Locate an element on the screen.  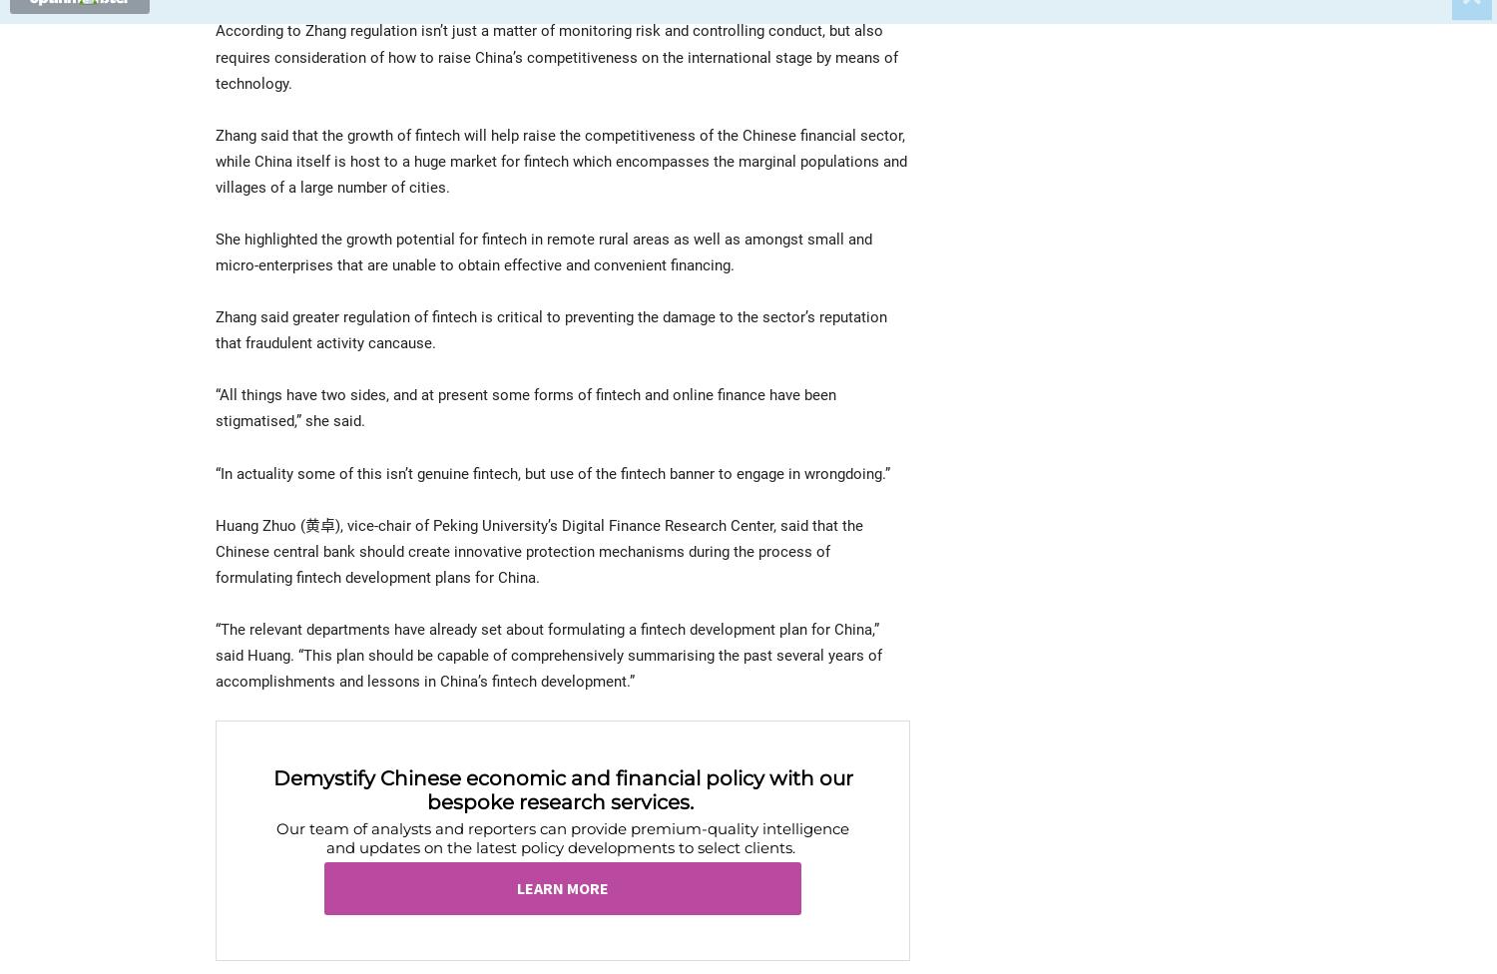
'“In actuality some of this isn’t genuine fintech, but use of the fintech banner to engage in wrongdoing.”' is located at coordinates (552, 472).